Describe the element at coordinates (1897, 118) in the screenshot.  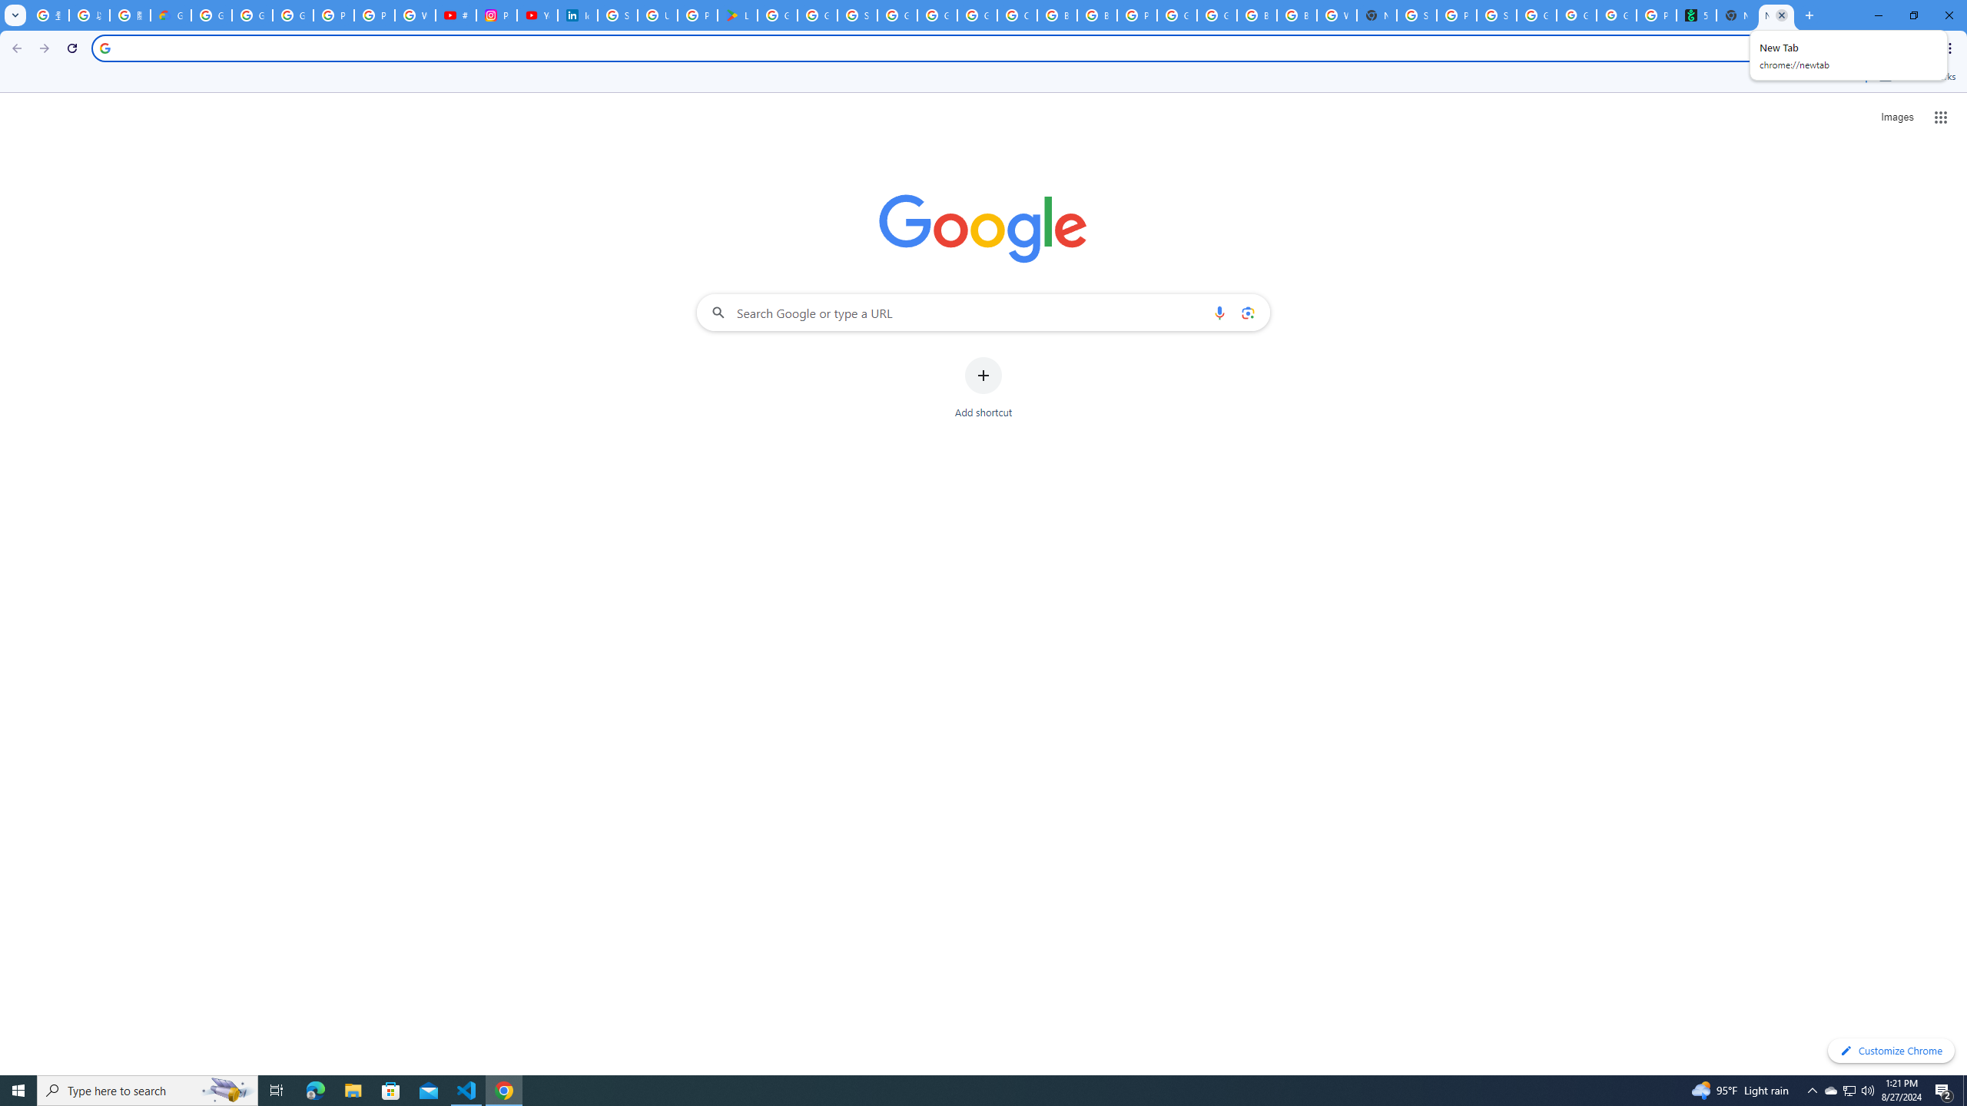
I see `'Search for Images '` at that location.